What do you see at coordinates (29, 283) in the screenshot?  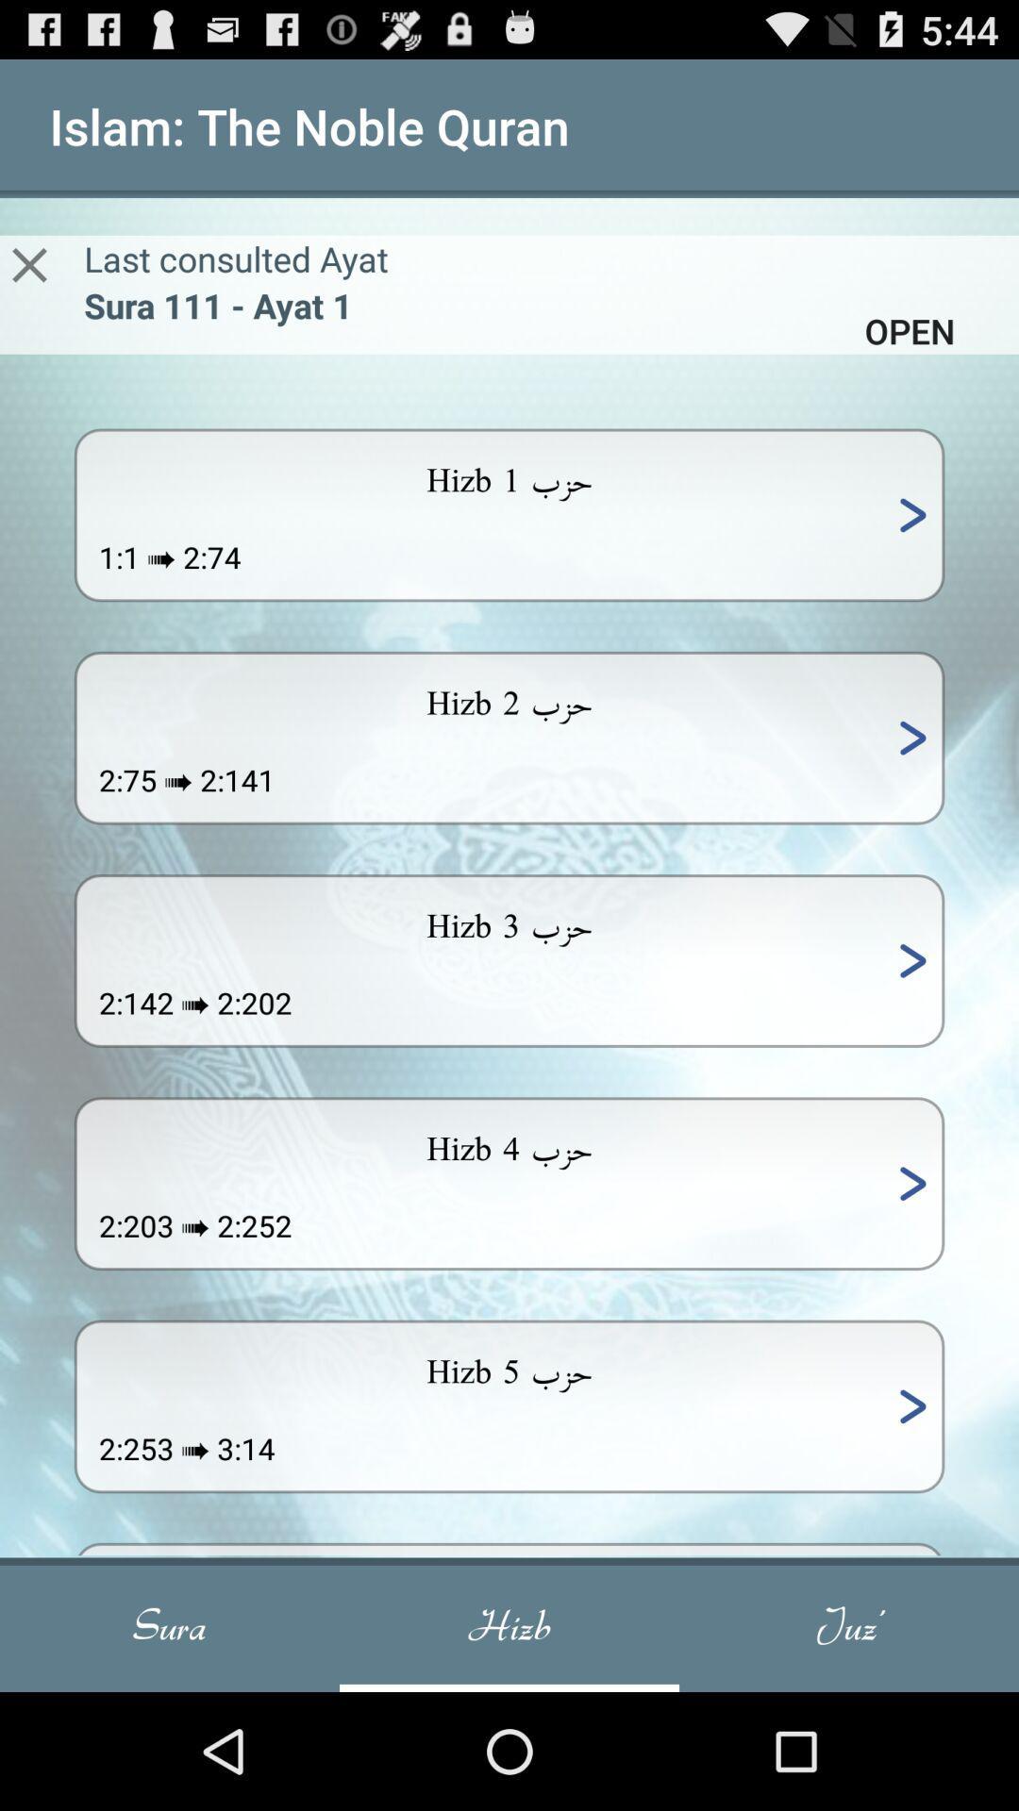 I see `the close icon` at bounding box center [29, 283].